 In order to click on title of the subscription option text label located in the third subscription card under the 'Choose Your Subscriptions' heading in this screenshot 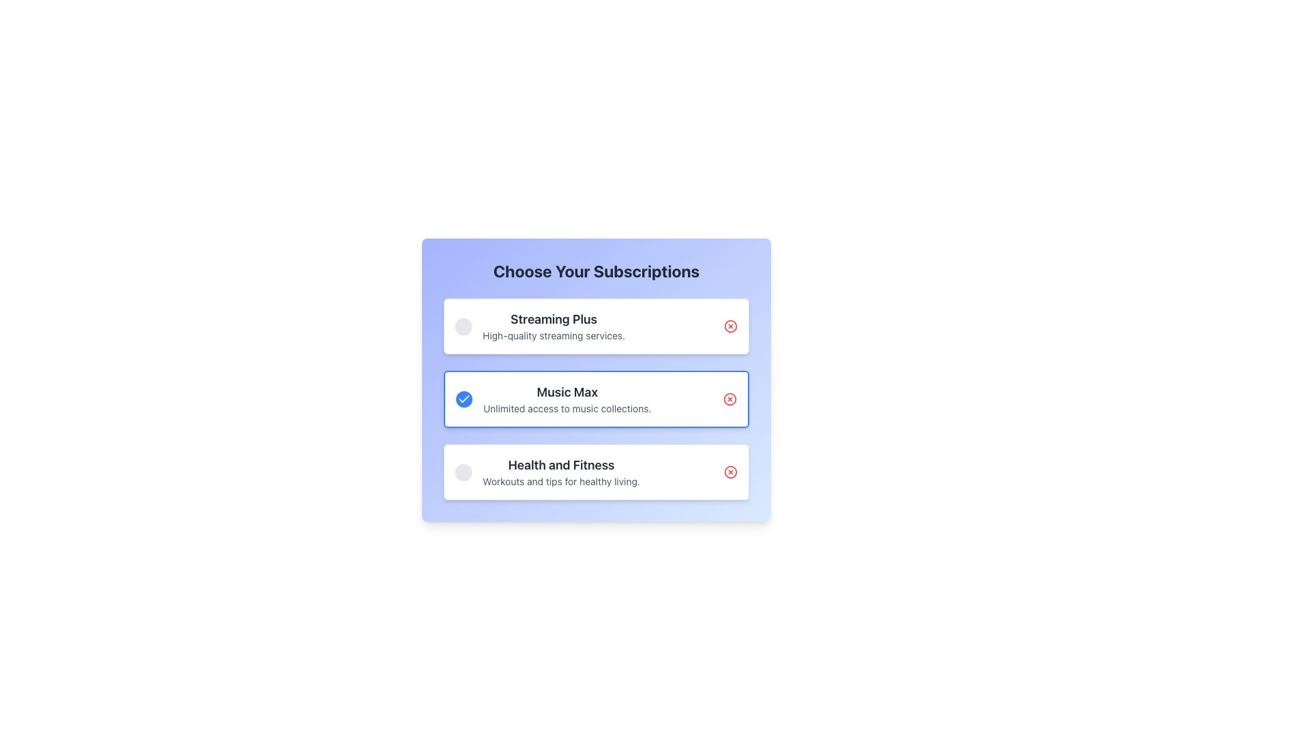, I will do `click(561, 464)`.